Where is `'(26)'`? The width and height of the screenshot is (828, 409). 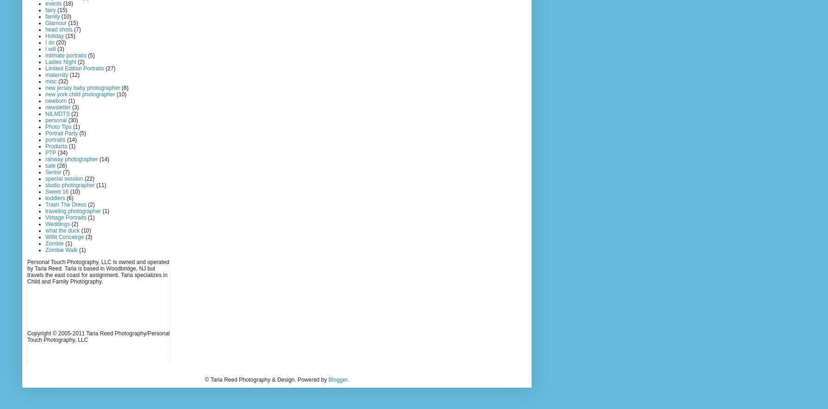
'(26)' is located at coordinates (62, 165).